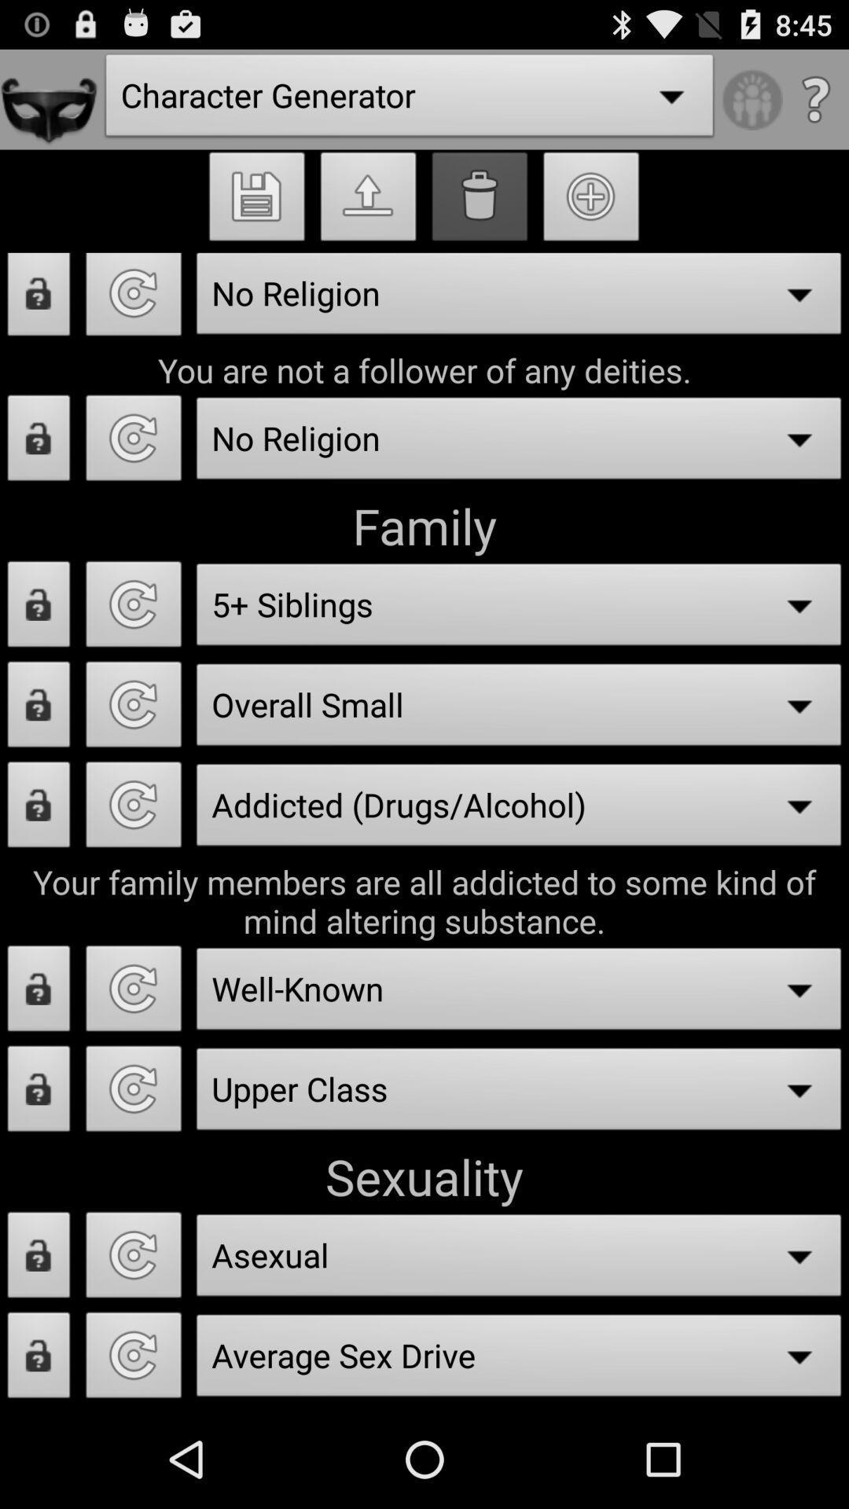 The width and height of the screenshot is (849, 1509). What do you see at coordinates (38, 608) in the screenshot?
I see `lock` at bounding box center [38, 608].